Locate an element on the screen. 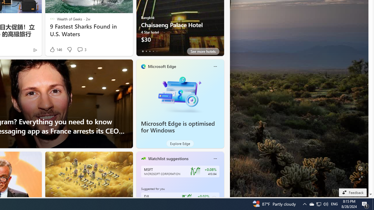 The image size is (374, 210). 'Watchlist suggestions' is located at coordinates (168, 158).